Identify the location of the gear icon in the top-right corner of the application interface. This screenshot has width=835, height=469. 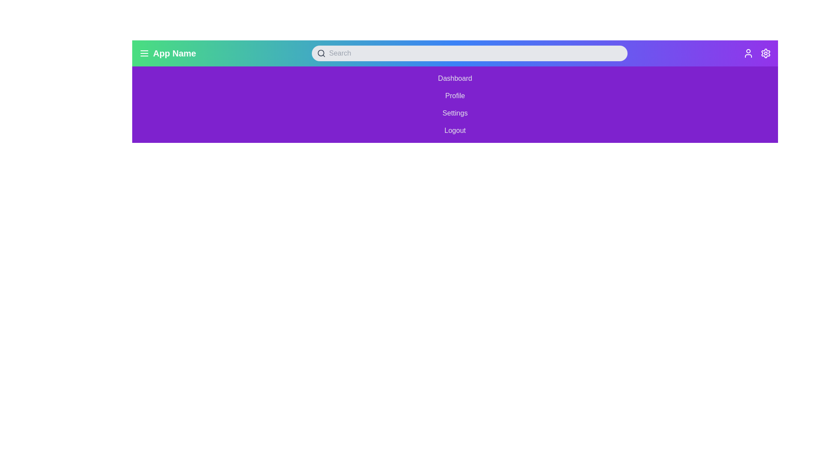
(766, 53).